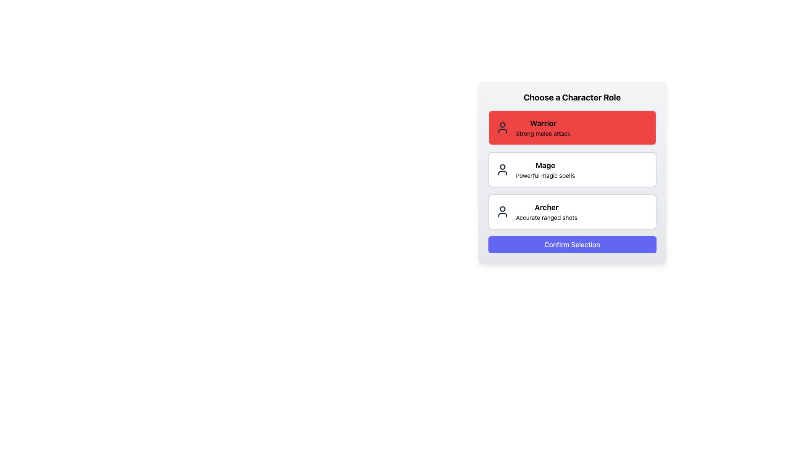 This screenshot has height=454, width=807. I want to click on the 'Warrior' Text Label, so click(543, 123).